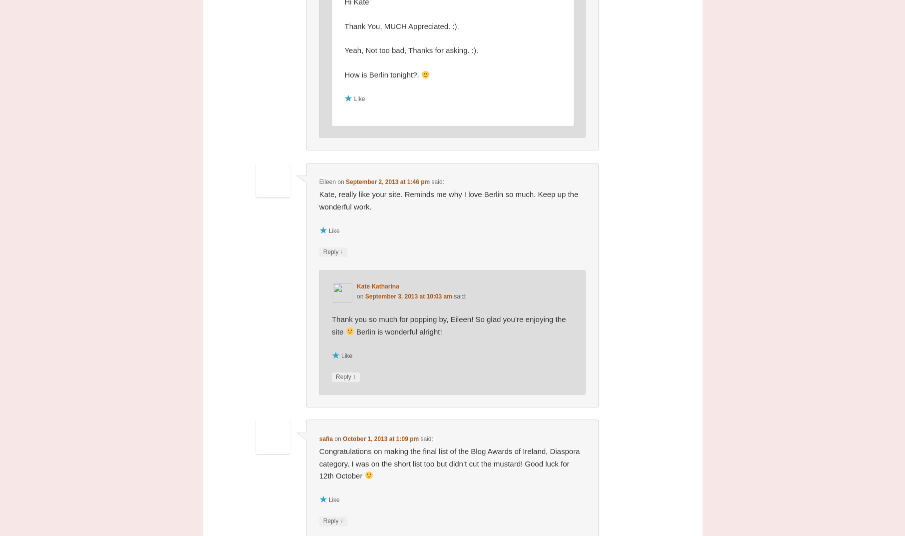 This screenshot has width=905, height=536. What do you see at coordinates (356, 285) in the screenshot?
I see `'Kate Katharina'` at bounding box center [356, 285].